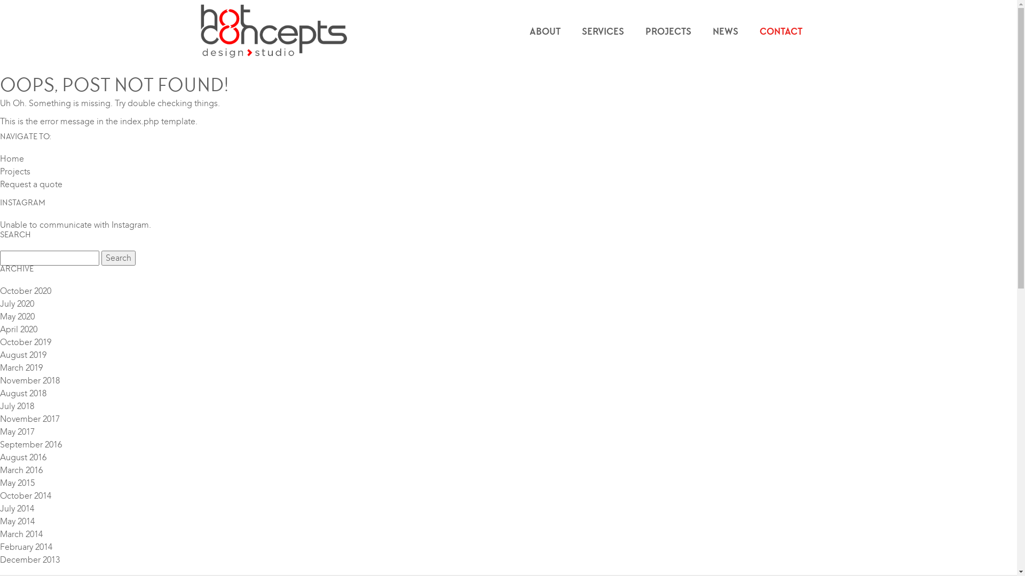 Image resolution: width=1025 pixels, height=576 pixels. I want to click on 'October 2014', so click(26, 495).